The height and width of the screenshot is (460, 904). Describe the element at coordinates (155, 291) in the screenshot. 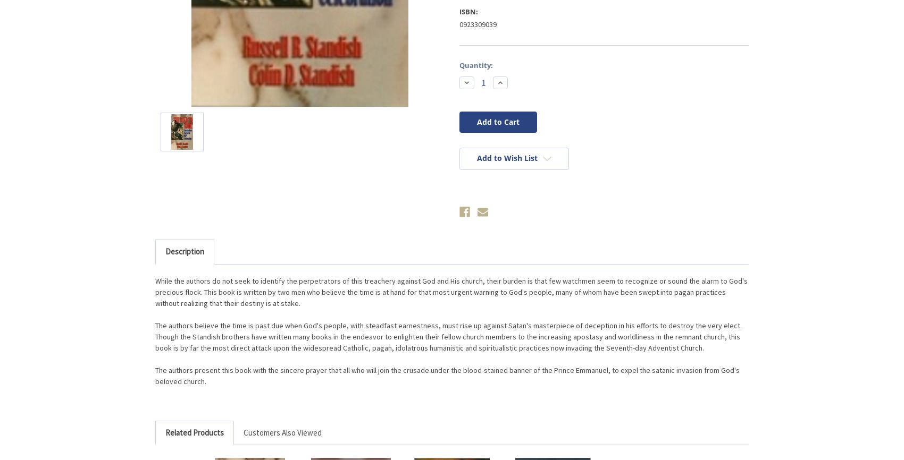

I see `'While the authors do not seek to identify the perpetrators of this treachery against God and His church, their burden is that few watchmen seem to recognize or sound the alarm to God's precious flock. This book is written by two men who believe the time is at hand for that most urgent warning to God's people, many of whom have been swept into pagan practices without realizing that their destiny is at stake.'` at that location.